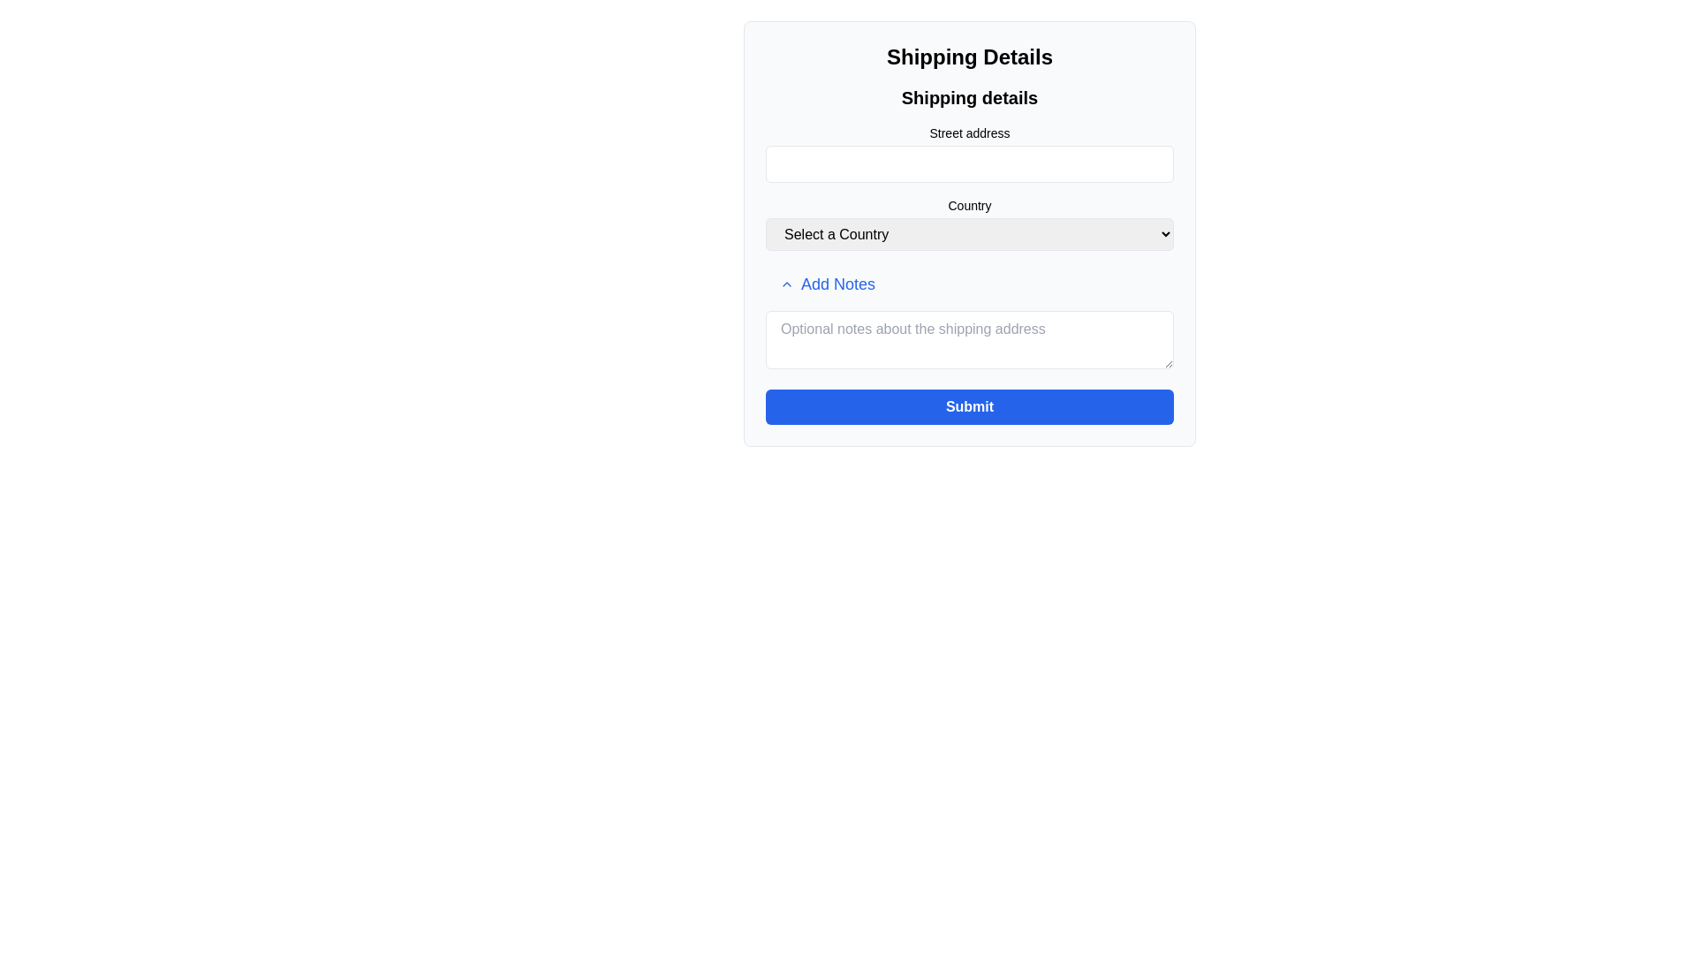 This screenshot has width=1696, height=954. What do you see at coordinates (786, 283) in the screenshot?
I see `the small chevron icon pointing upwards, located to the left of the 'Add Notes' text label` at bounding box center [786, 283].